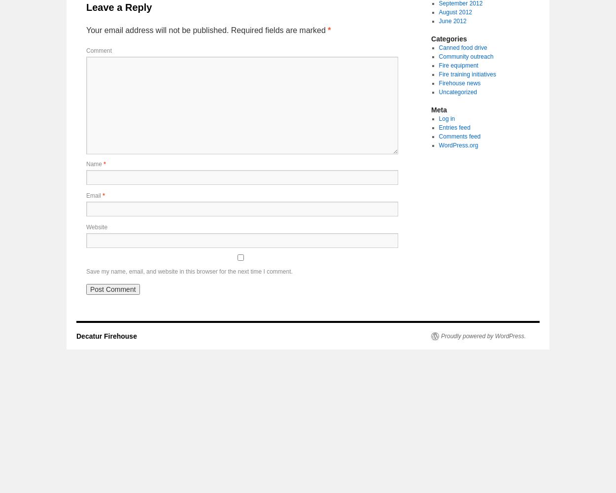 The height and width of the screenshot is (493, 616). What do you see at coordinates (157, 30) in the screenshot?
I see `'Your email address will not be published.'` at bounding box center [157, 30].